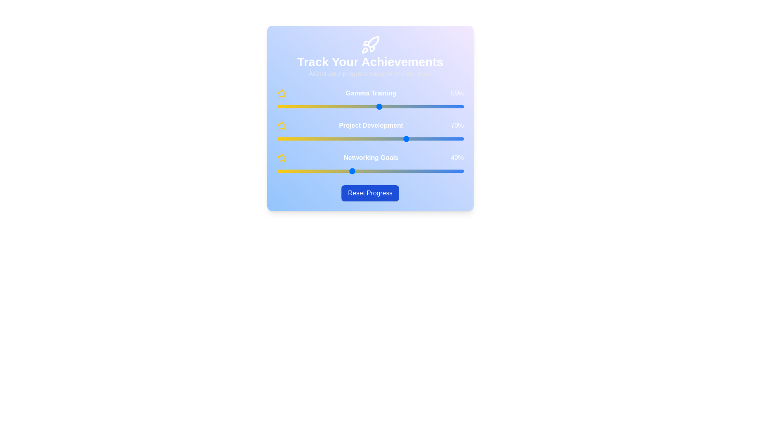  I want to click on the 'Project Development' slider to 65%, so click(398, 138).